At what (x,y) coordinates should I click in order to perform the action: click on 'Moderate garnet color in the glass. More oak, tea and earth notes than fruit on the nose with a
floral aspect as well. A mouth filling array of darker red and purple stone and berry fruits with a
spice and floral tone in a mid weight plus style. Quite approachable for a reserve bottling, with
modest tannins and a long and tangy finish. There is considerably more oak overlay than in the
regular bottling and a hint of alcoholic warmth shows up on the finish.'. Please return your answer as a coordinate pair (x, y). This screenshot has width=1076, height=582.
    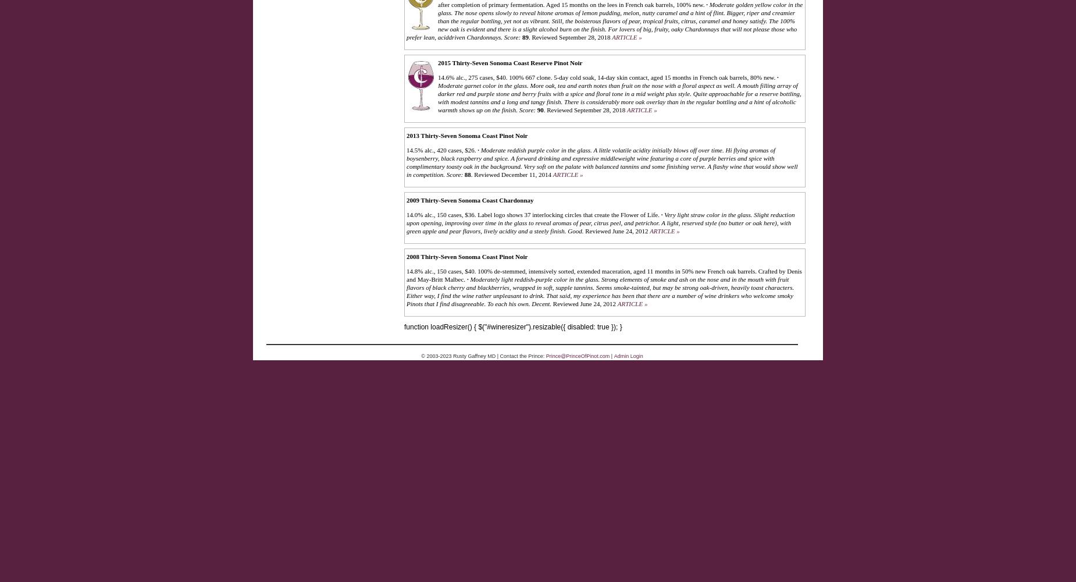
    Looking at the image, I should click on (619, 97).